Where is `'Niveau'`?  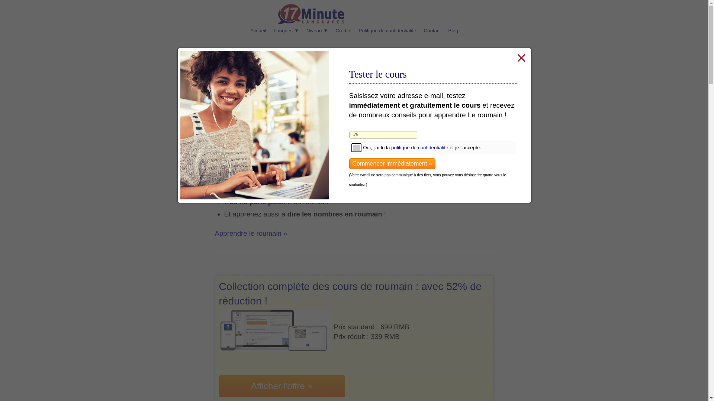 'Niveau' is located at coordinates (303, 30).